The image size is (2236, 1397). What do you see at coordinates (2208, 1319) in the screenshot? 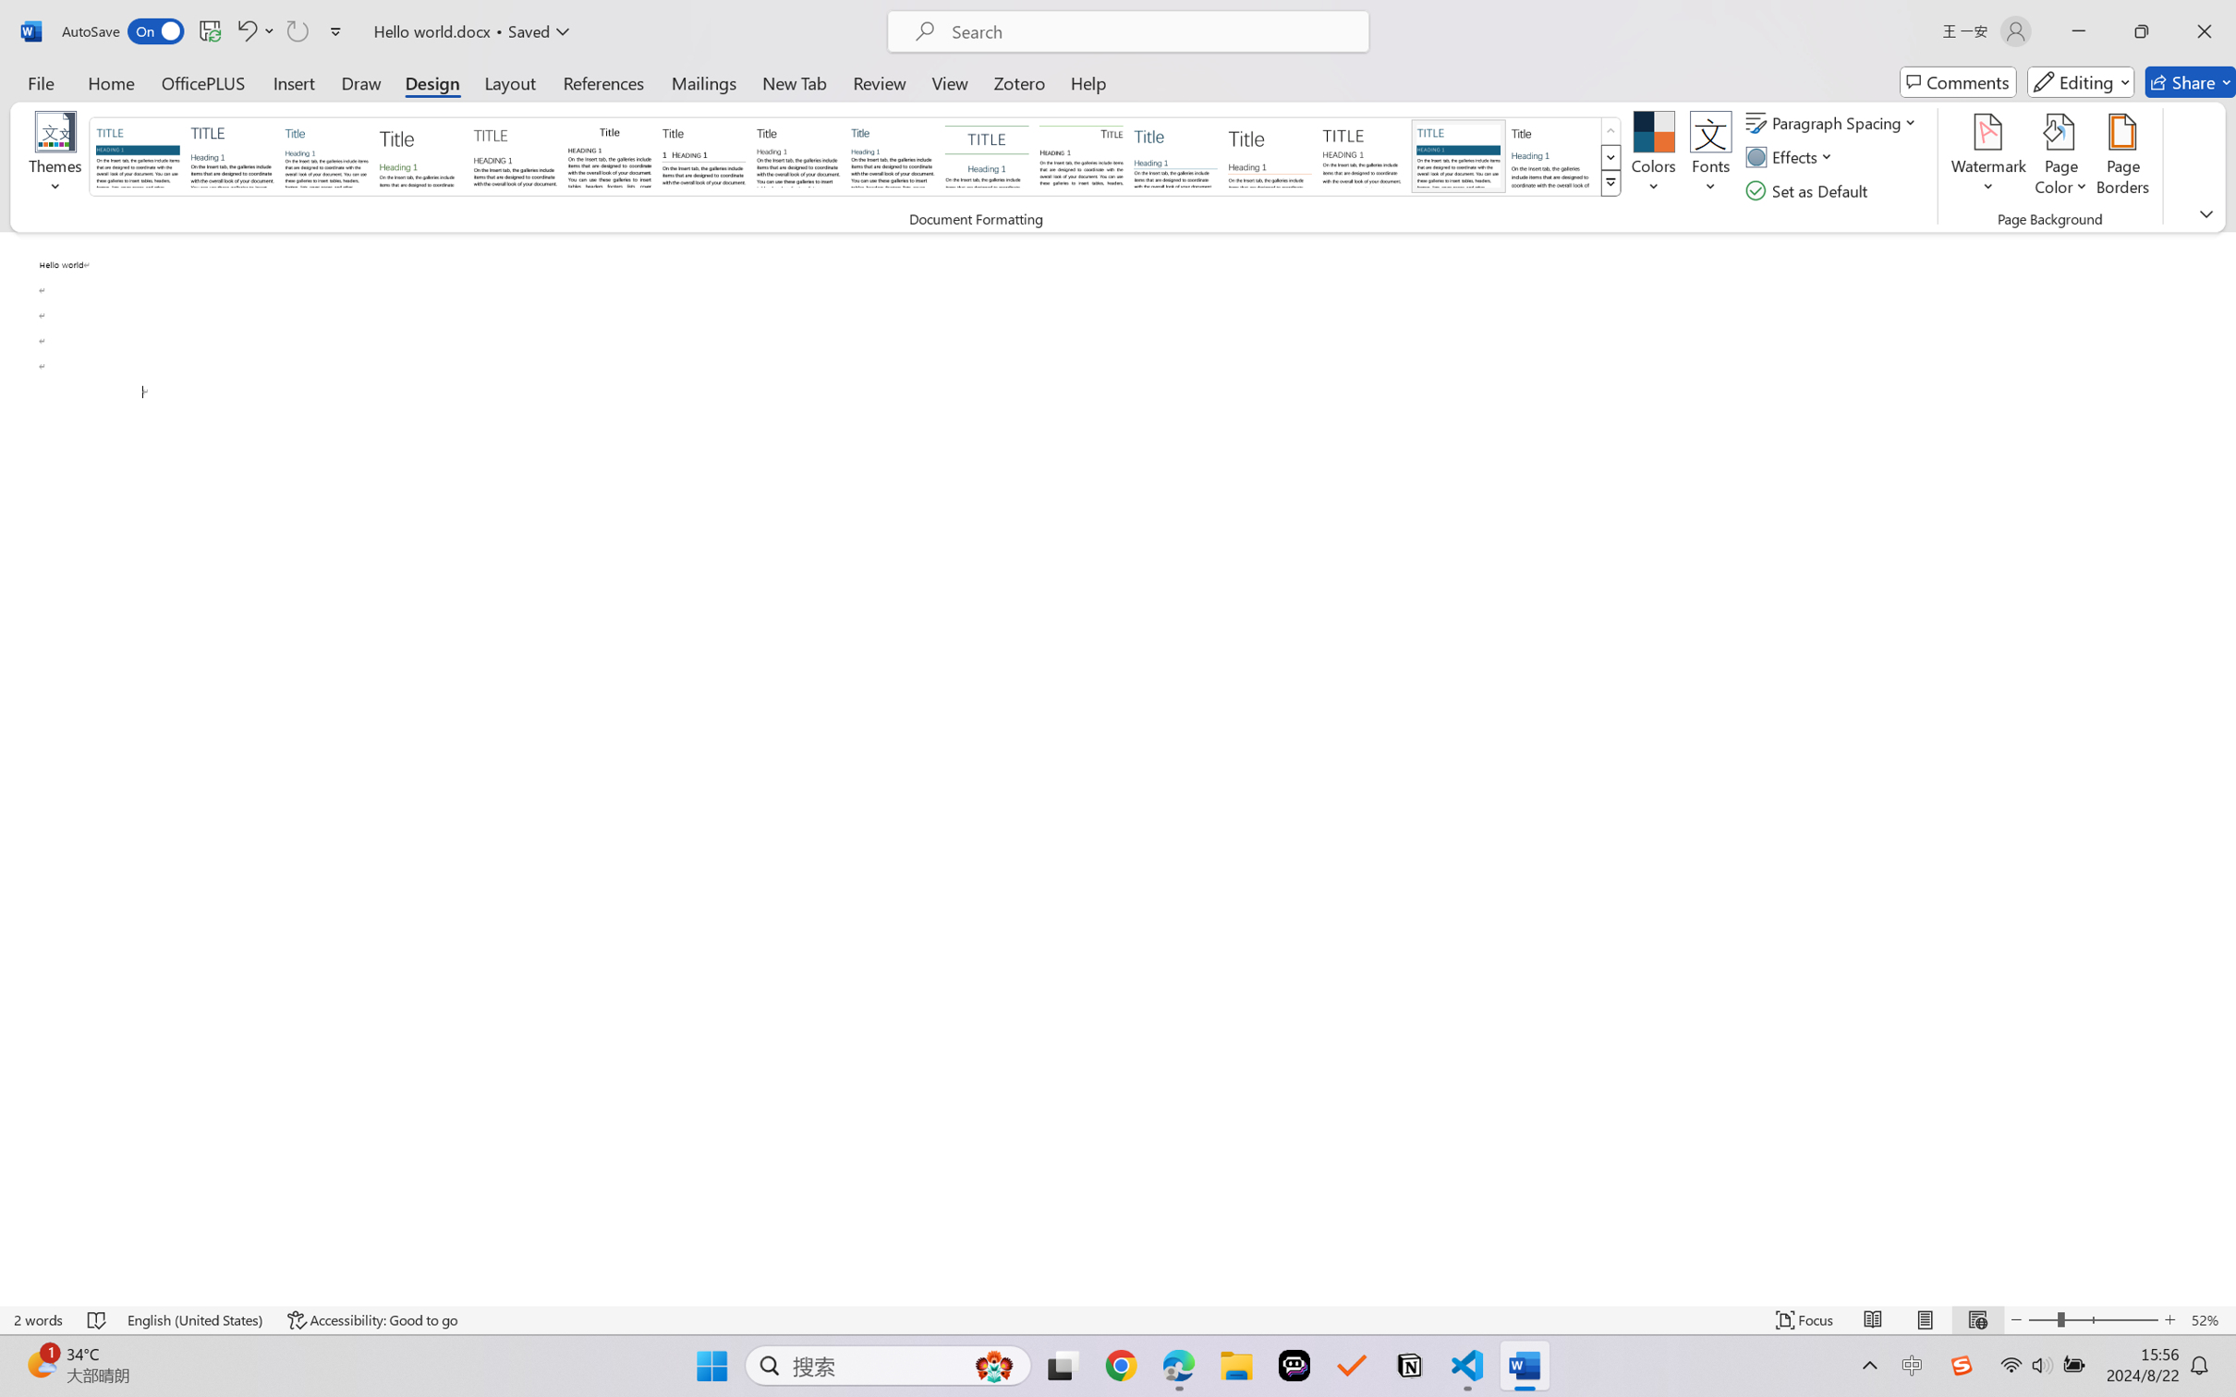
I see `'Zoom 52%'` at bounding box center [2208, 1319].